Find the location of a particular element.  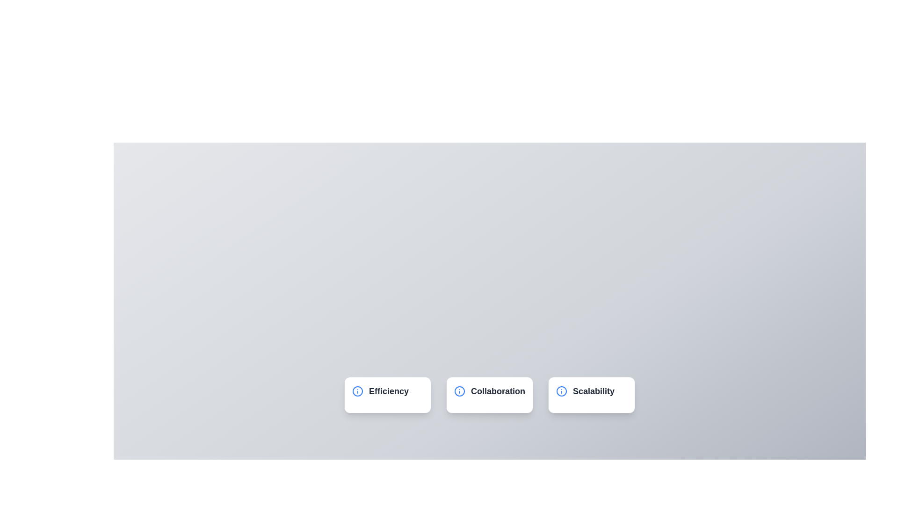

the Informational icon located to the left of the 'Efficiency' label is located at coordinates (357, 391).